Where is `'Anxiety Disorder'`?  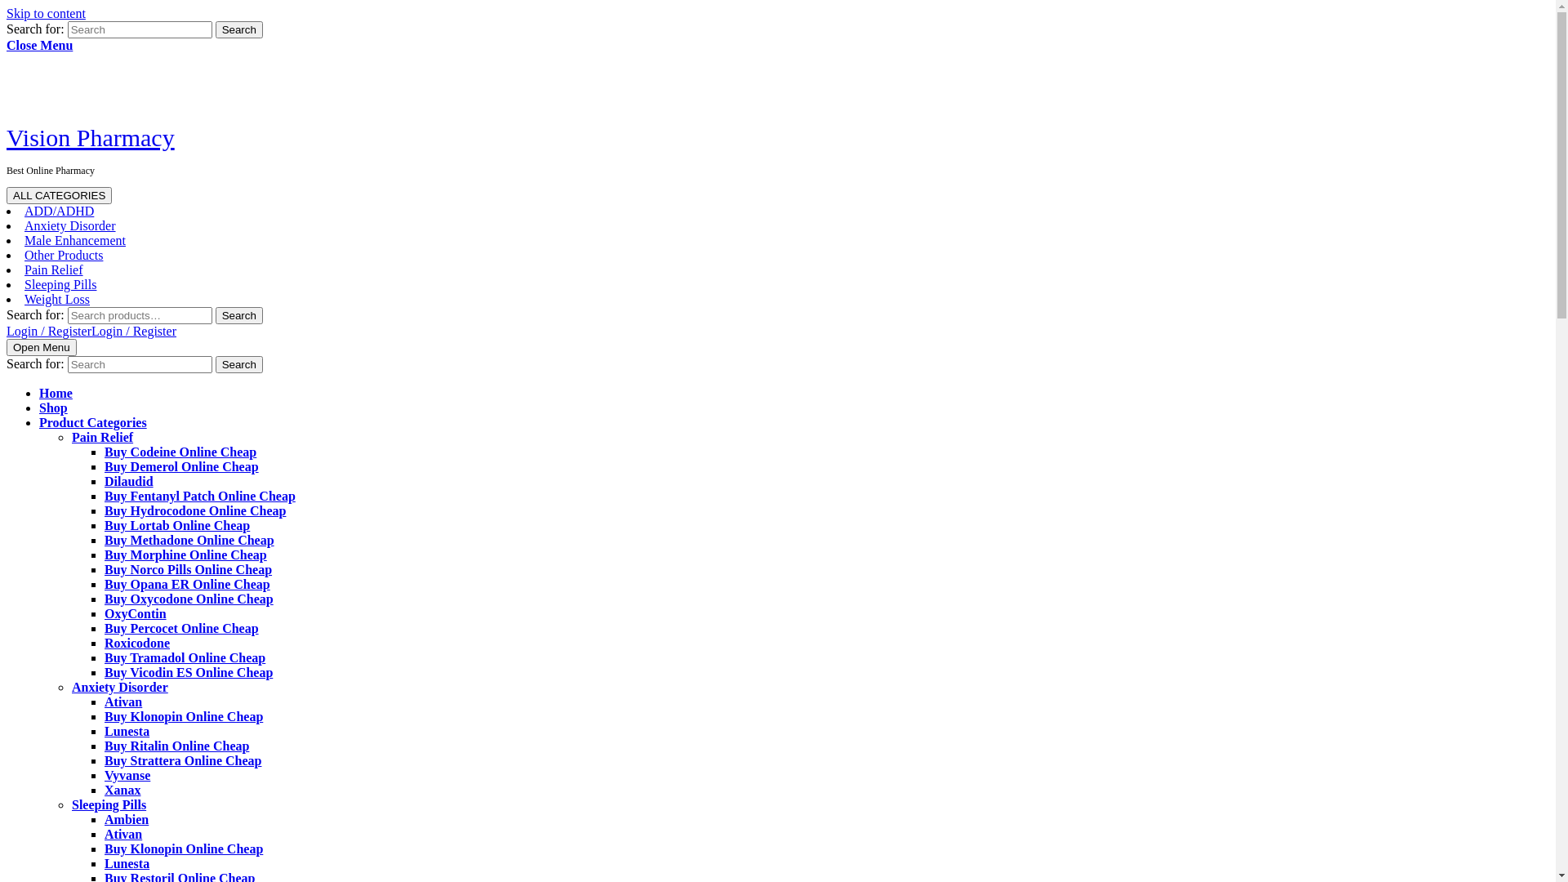
'Anxiety Disorder' is located at coordinates (69, 225).